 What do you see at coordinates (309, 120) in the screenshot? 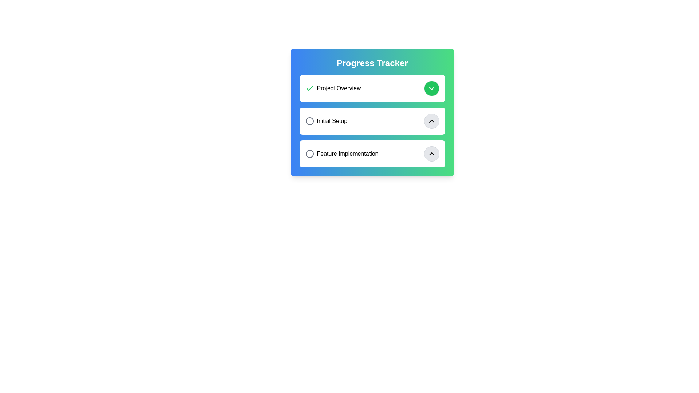
I see `the status indicator icon located in the second section of the 'Progress Tracker' widget, positioned to the left of the 'Initial Setup' text` at bounding box center [309, 120].